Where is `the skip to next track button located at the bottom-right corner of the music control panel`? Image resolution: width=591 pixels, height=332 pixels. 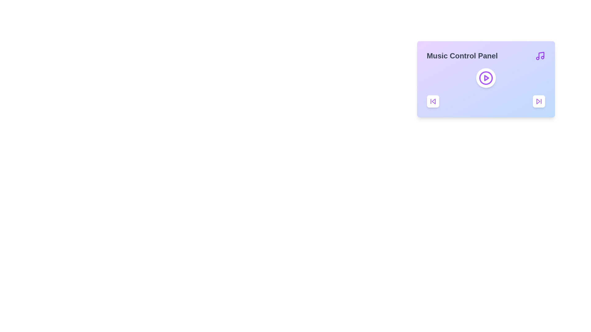 the skip to next track button located at the bottom-right corner of the music control panel is located at coordinates (538, 101).